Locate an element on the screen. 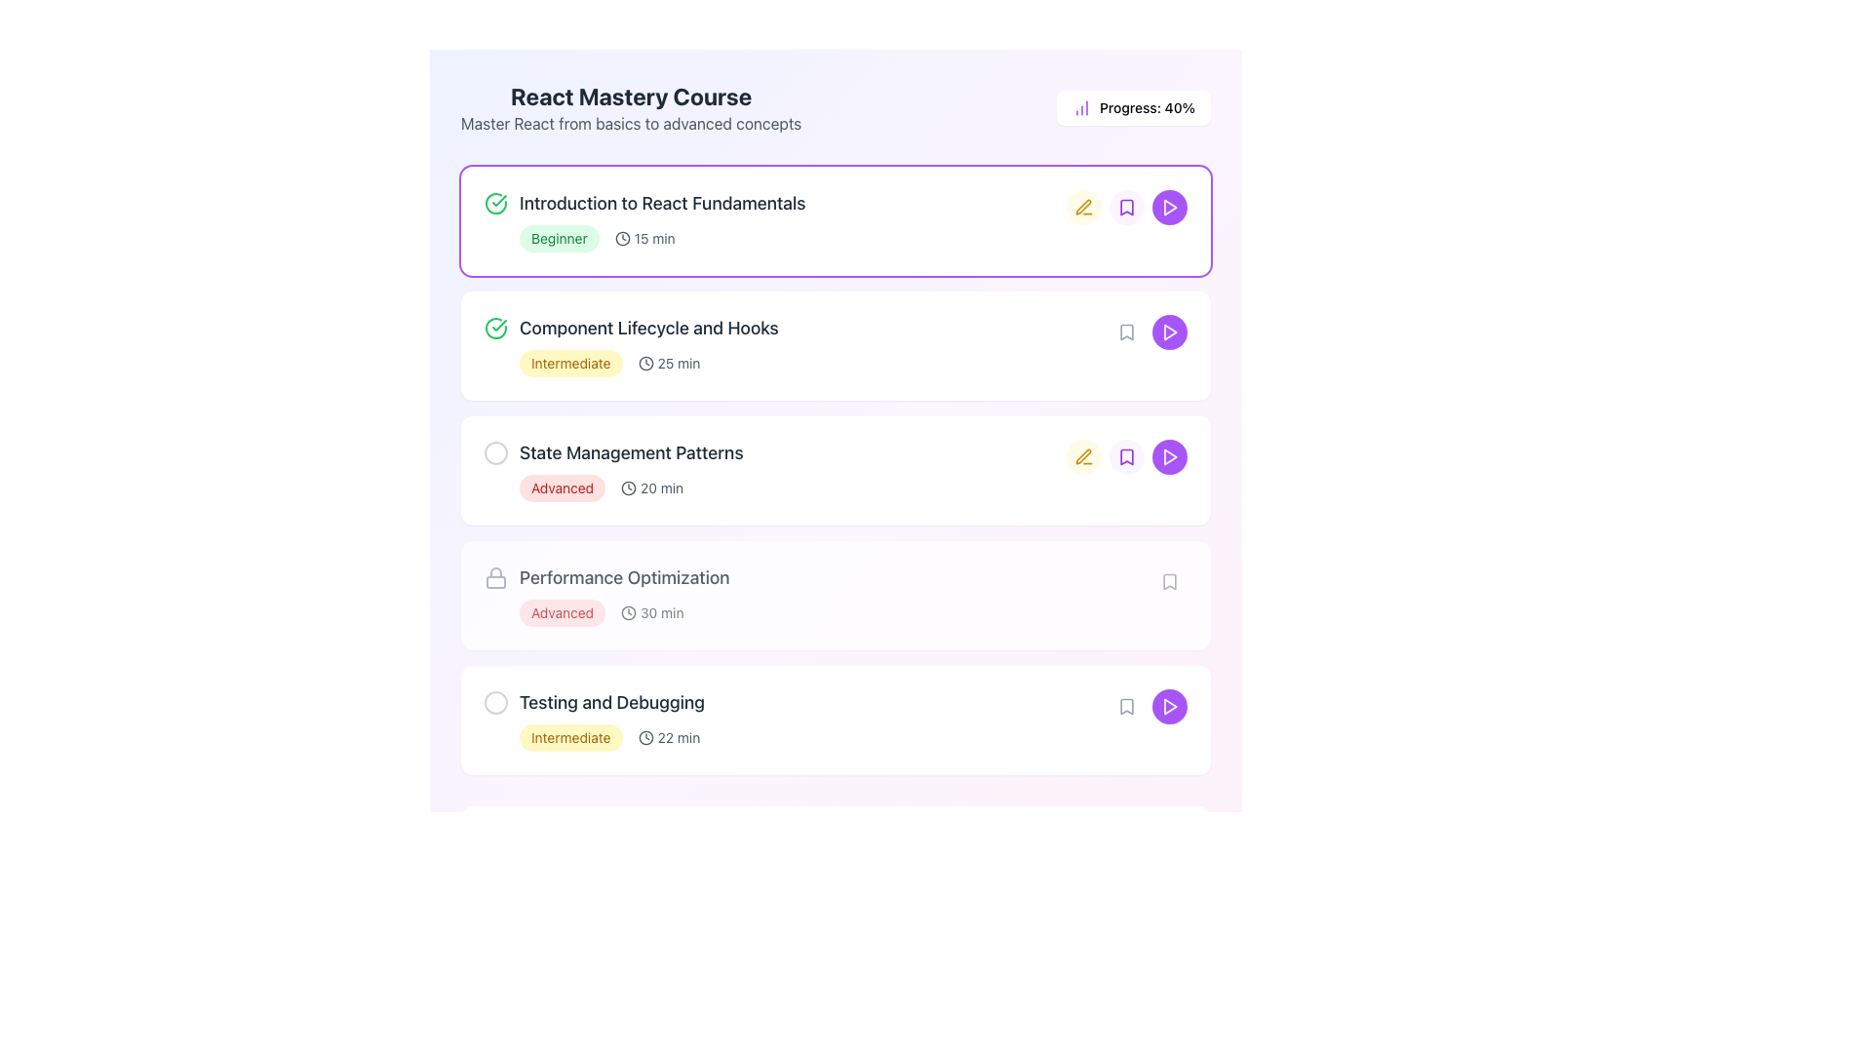  circular boundary of the clock icon located immediately left of the 'Component Lifecycle and Hooks' section title is located at coordinates (629, 611).